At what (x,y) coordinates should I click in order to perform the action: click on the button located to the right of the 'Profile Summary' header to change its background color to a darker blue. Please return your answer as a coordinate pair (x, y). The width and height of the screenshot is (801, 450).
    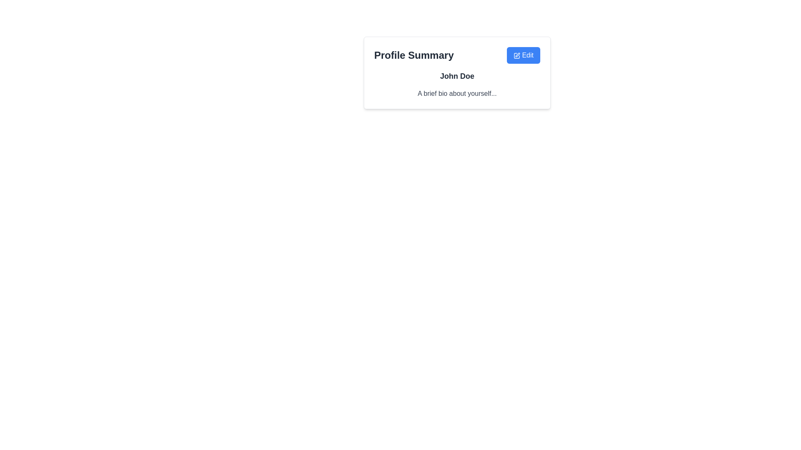
    Looking at the image, I should click on (523, 55).